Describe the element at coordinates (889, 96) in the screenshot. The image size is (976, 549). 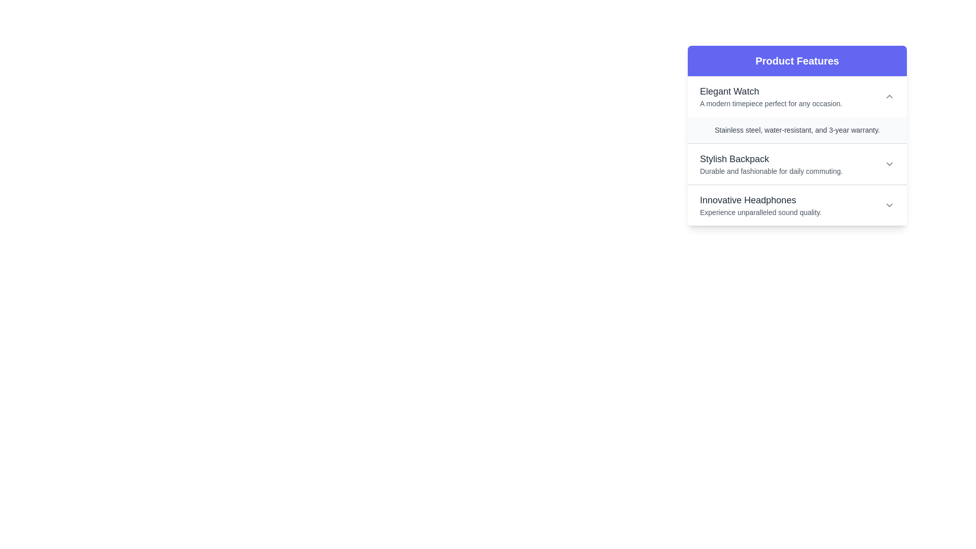
I see `the chevron-up icon on the 'Product Features' card in the 'Elegant Watch' section` at that location.